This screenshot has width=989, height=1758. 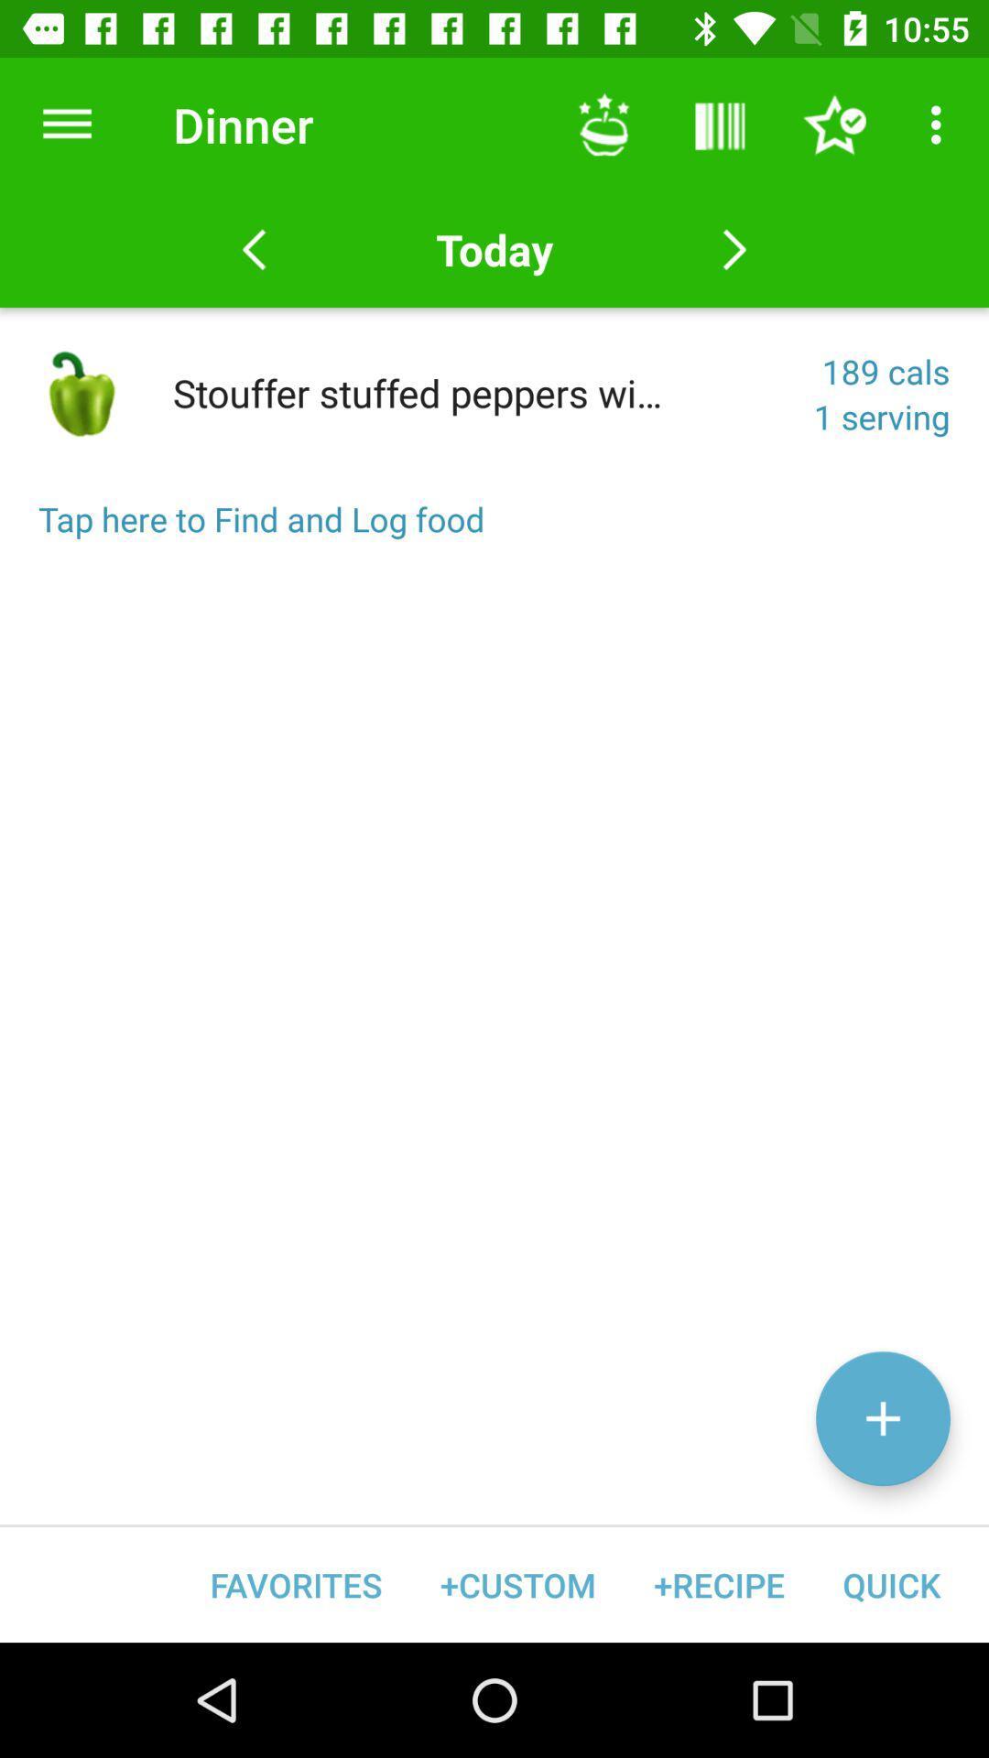 I want to click on the arrow_forward icon, so click(x=734, y=249).